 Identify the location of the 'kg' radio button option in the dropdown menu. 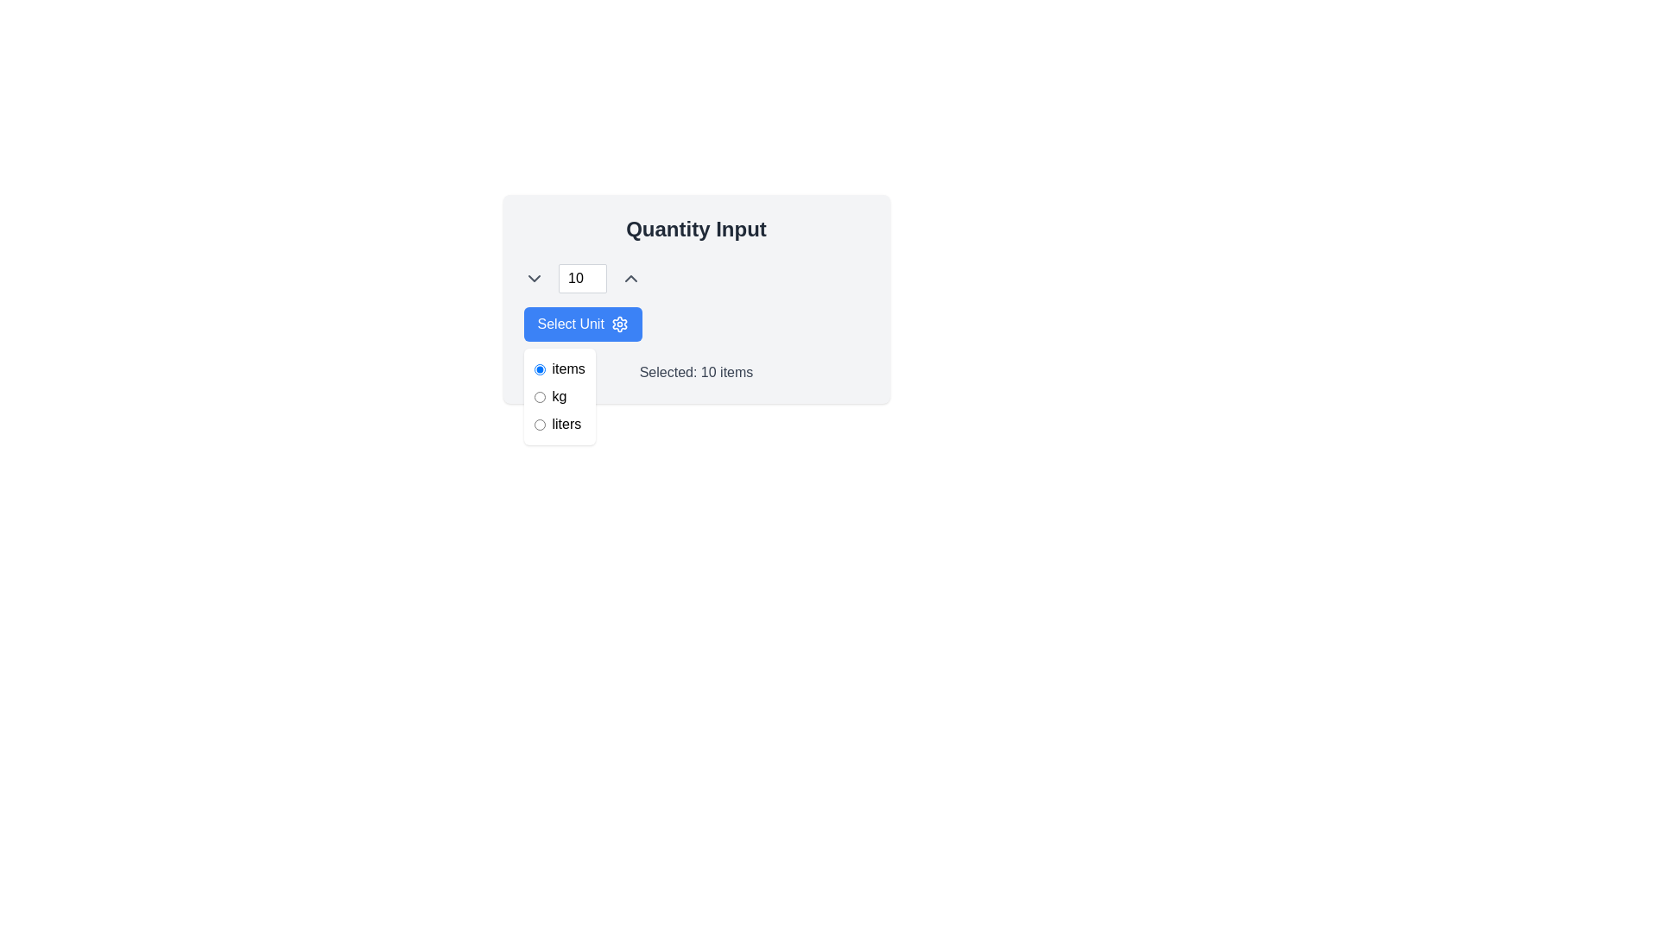
(560, 396).